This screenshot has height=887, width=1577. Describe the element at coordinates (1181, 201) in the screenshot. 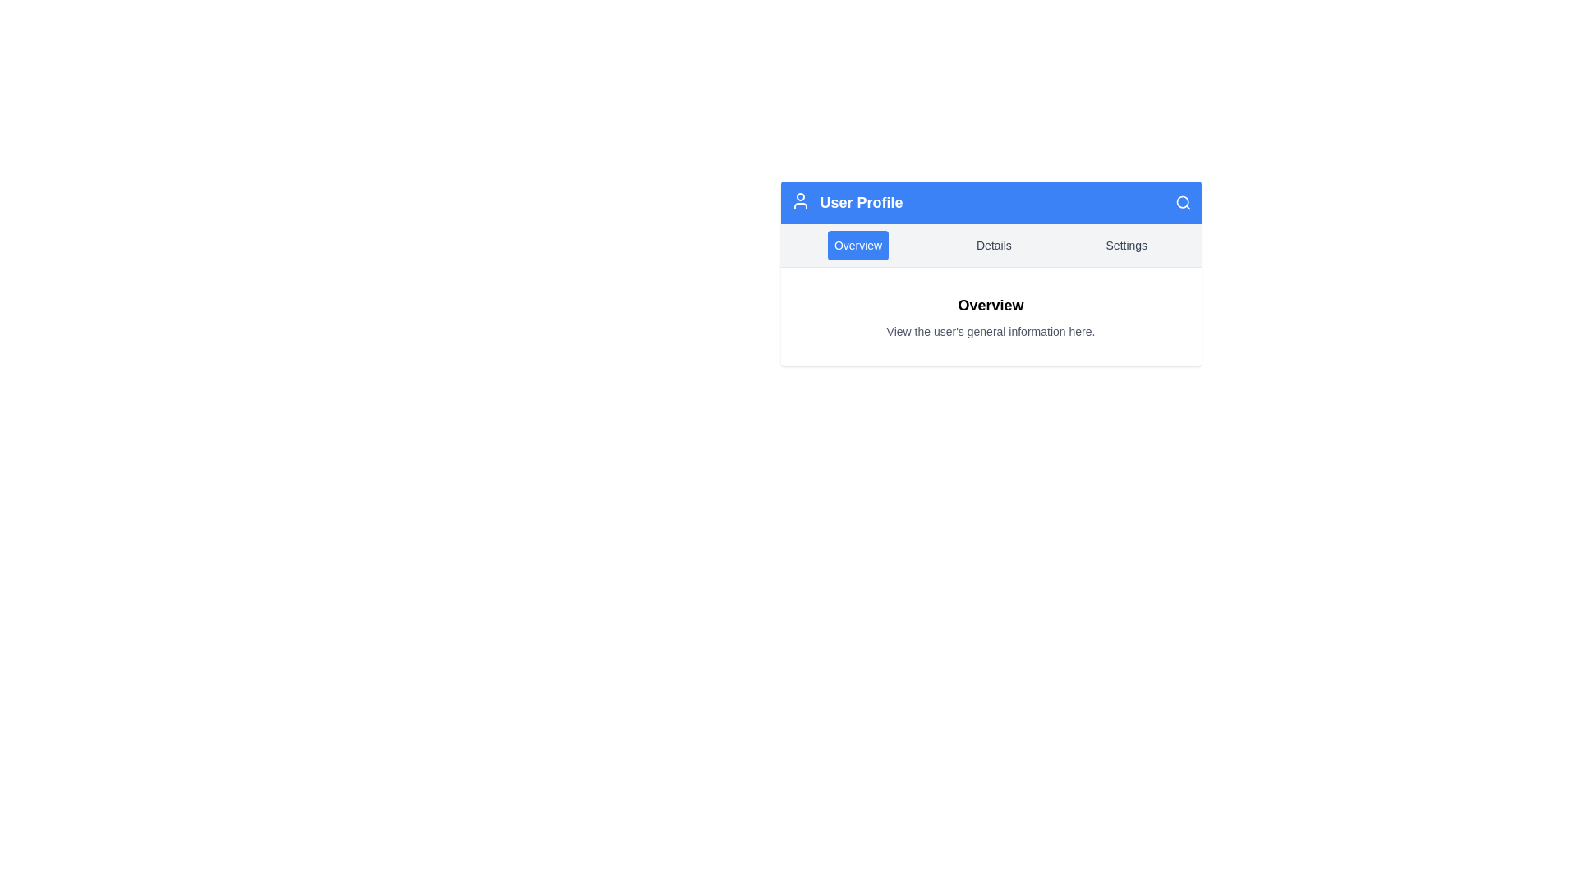

I see `the SVG circle element that is part of the magnifying glass icon adjacent to the top-right corner of the blue header bar labeled 'User Profile'` at that location.